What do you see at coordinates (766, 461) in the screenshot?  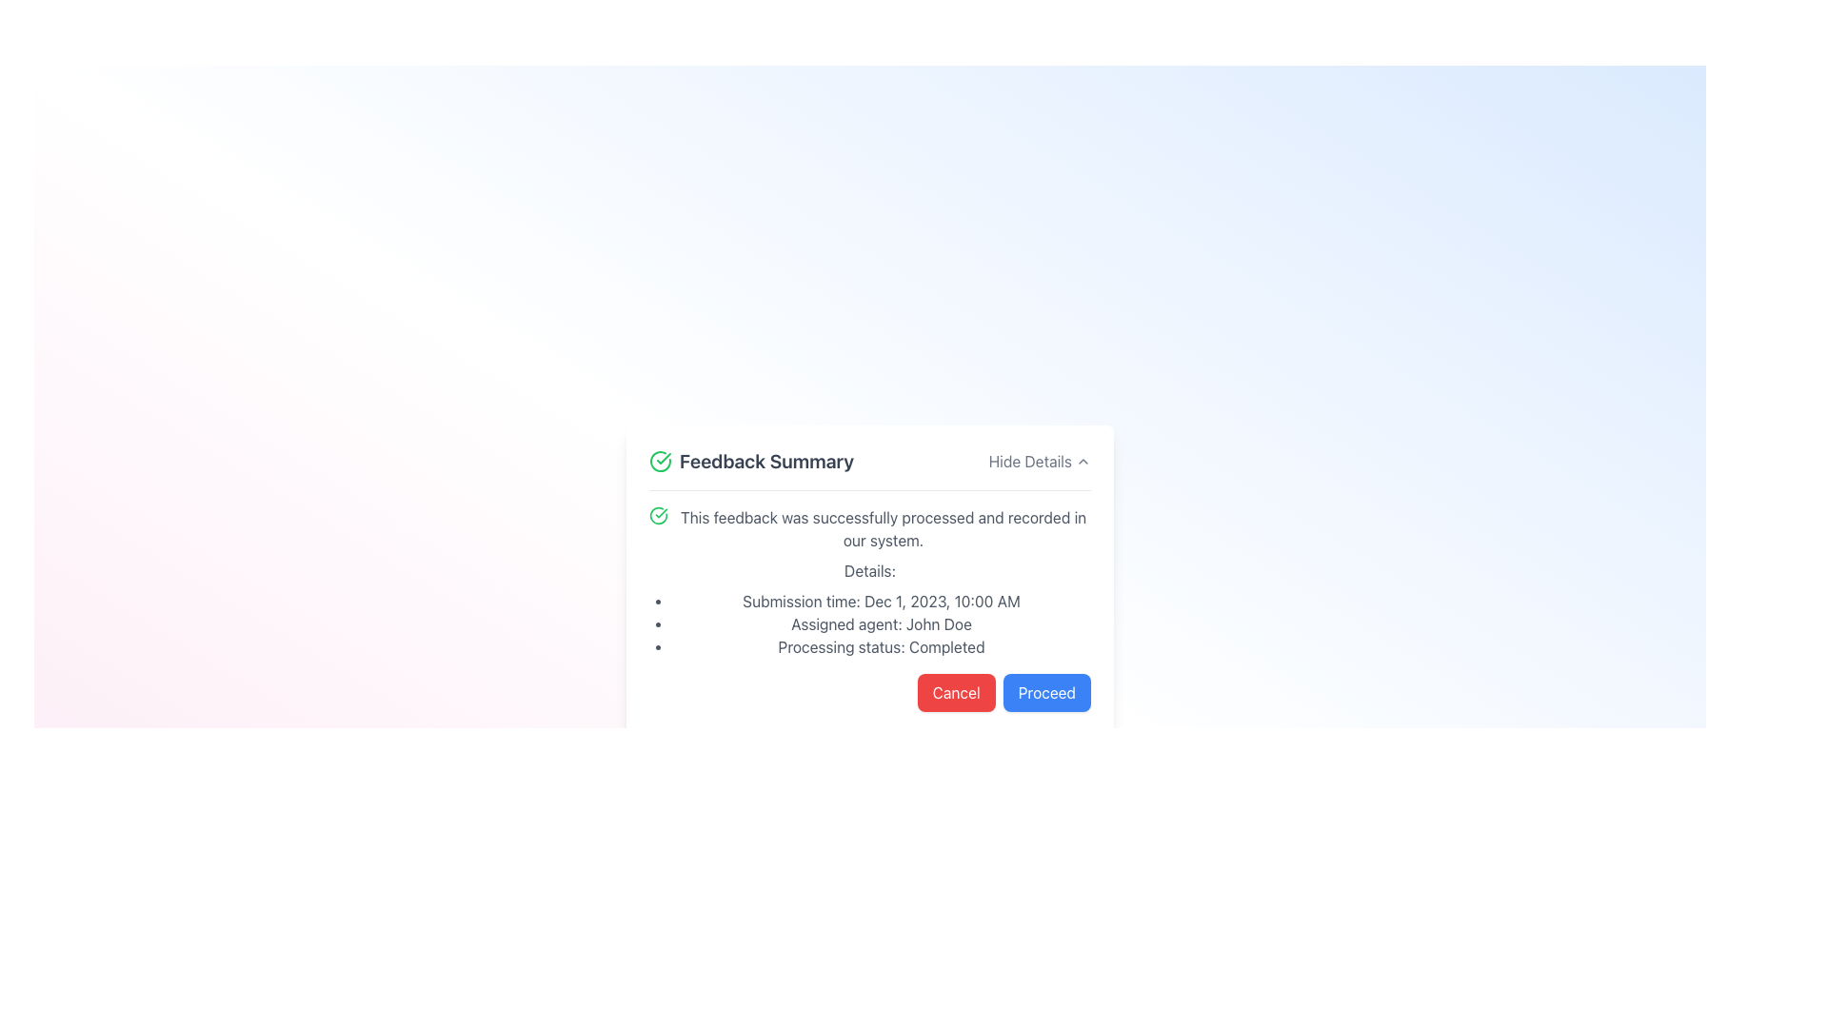 I see `the 'Feedback Summary' text label which is styled in bold dark gray and positioned after a green checkmark icon` at bounding box center [766, 461].